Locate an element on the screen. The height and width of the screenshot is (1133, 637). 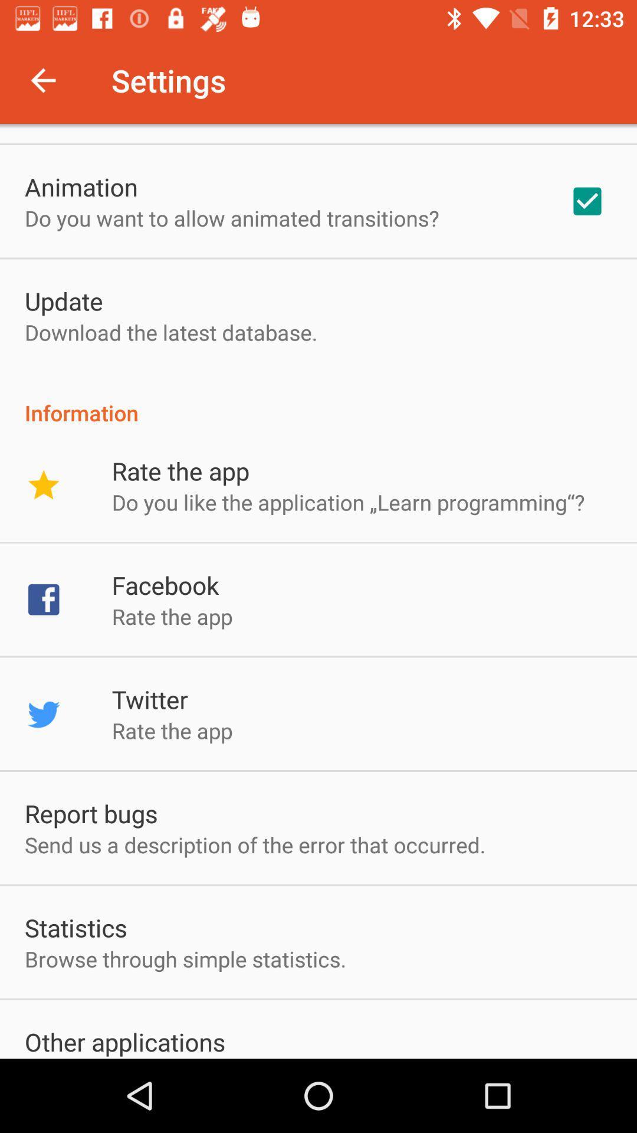
app above do you want is located at coordinates (81, 186).